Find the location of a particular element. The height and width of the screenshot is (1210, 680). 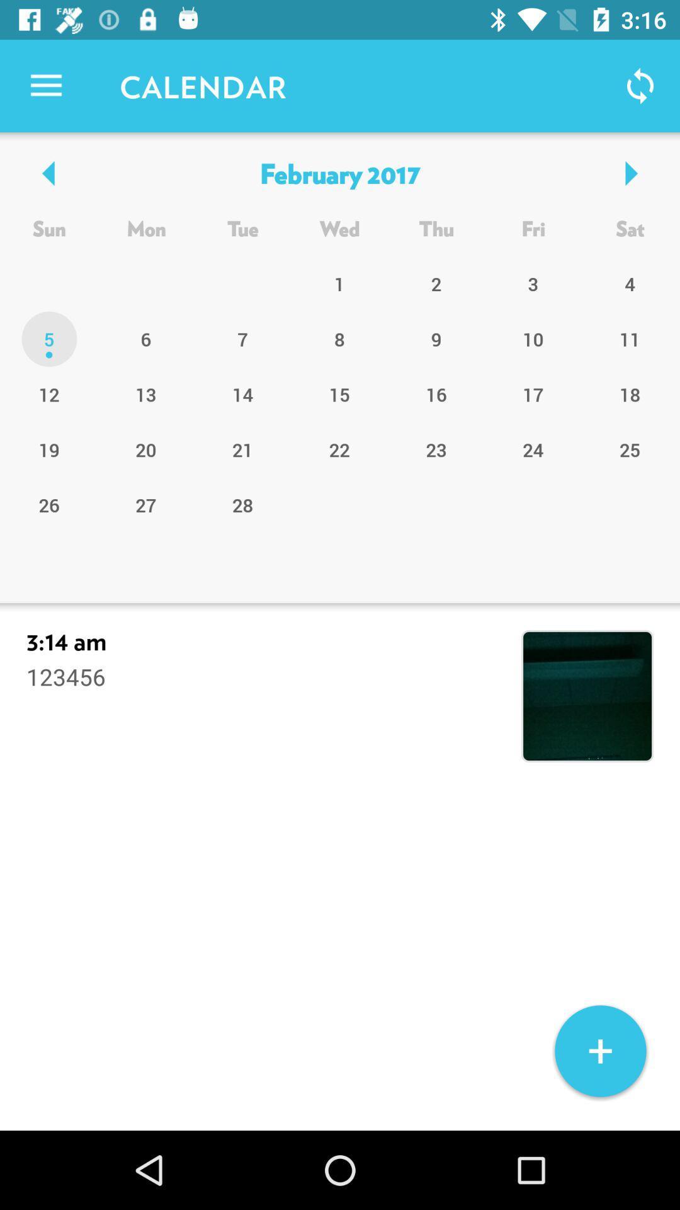

the item above sun is located at coordinates (339, 172).